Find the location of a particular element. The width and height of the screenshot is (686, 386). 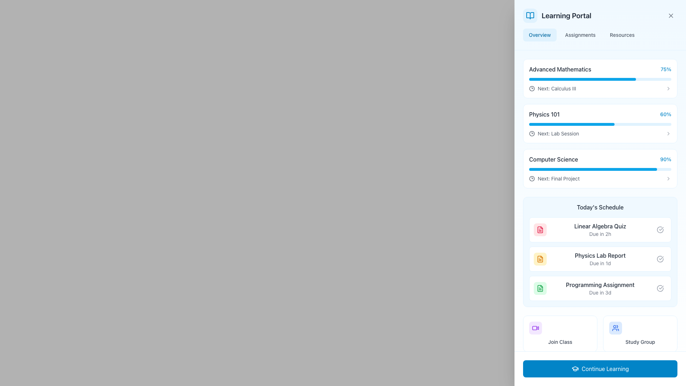

the list item indicating the next topic related to 'Advanced Mathematics' is located at coordinates (600, 88).